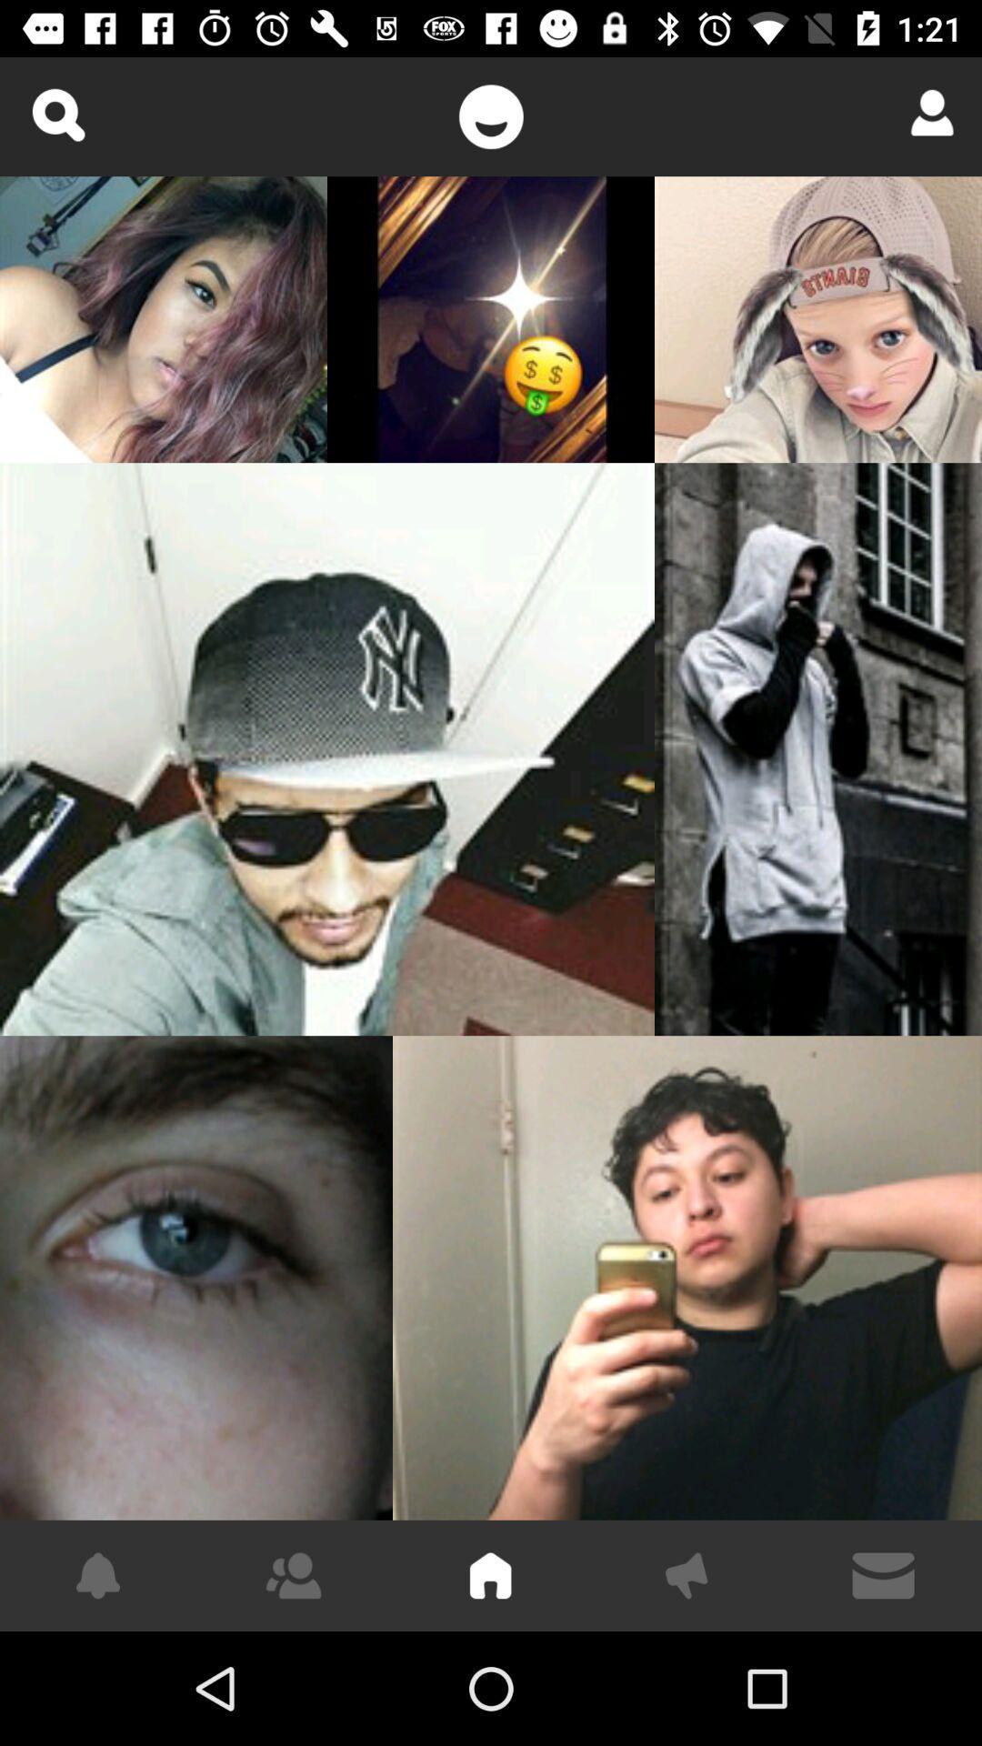  What do you see at coordinates (56, 114) in the screenshot?
I see `zoom in` at bounding box center [56, 114].